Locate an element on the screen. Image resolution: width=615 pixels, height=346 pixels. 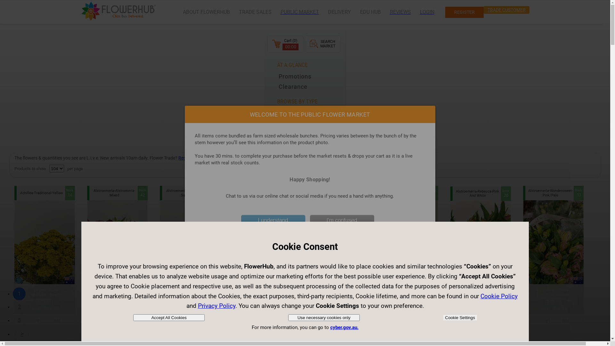
'Promotions' is located at coordinates (278, 76).